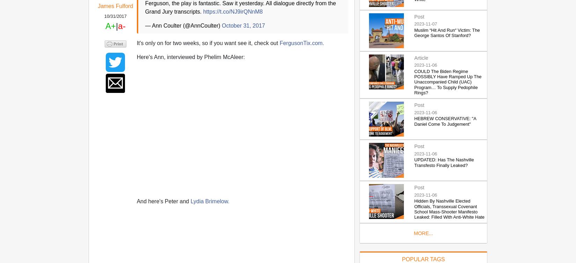  I want to click on 'Muslim “Hit And Run“ Victim: The George Santos Of Stanford?', so click(414, 32).